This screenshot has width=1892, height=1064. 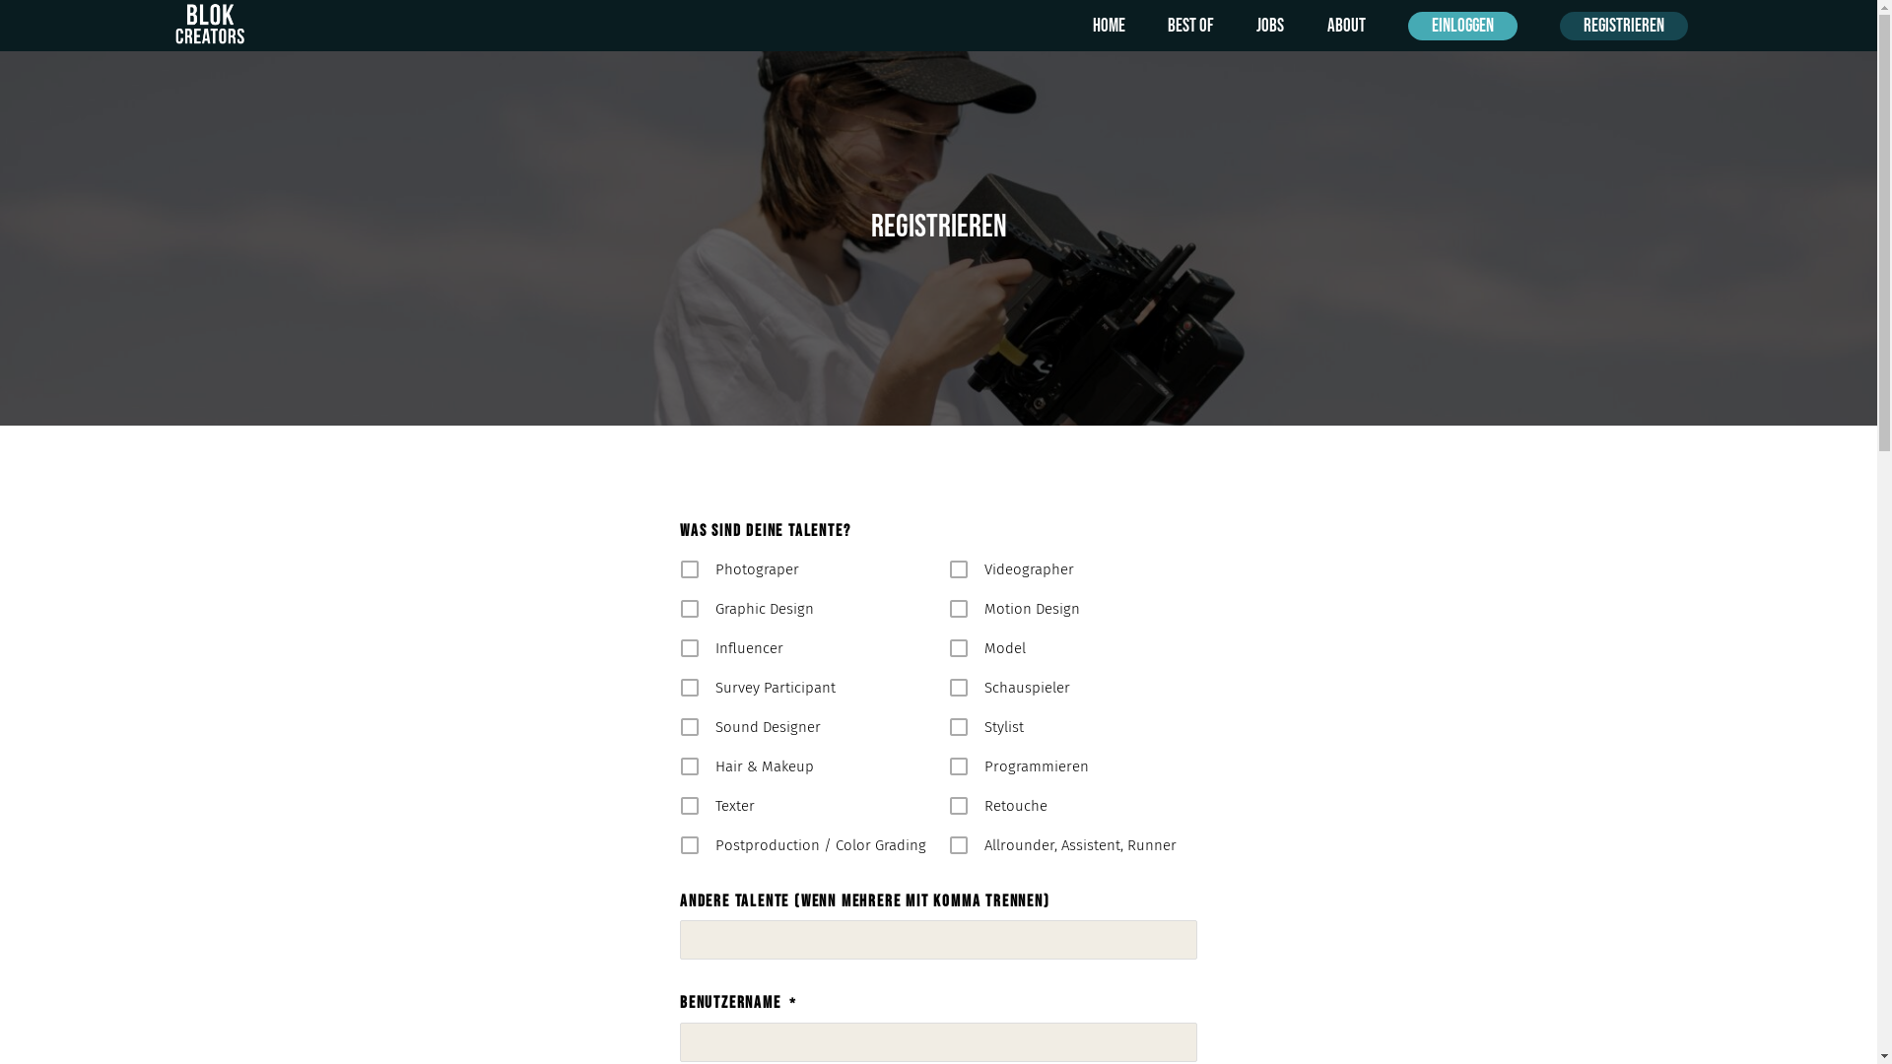 I want to click on 'Best of', so click(x=1189, y=26).